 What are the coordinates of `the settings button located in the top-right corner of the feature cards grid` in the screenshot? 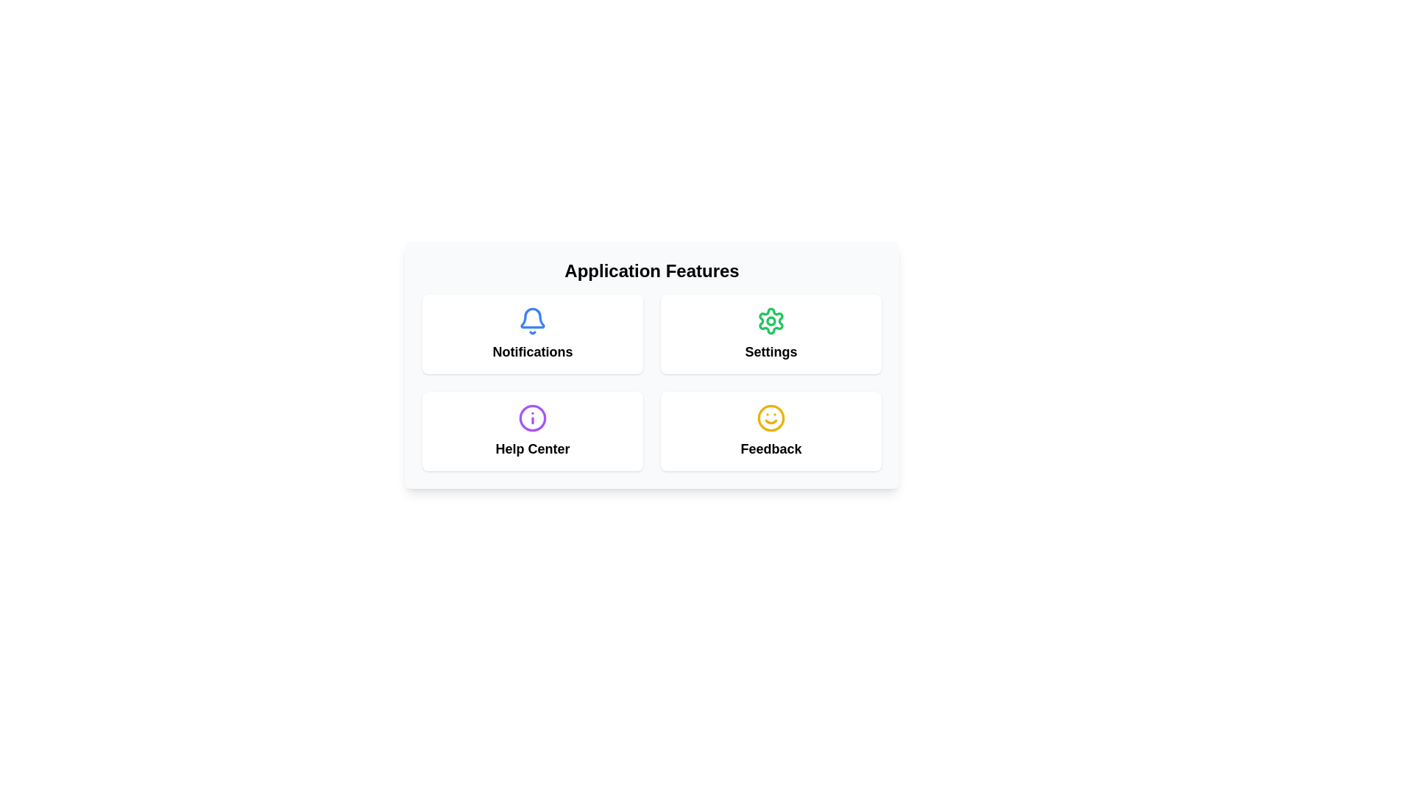 It's located at (770, 335).